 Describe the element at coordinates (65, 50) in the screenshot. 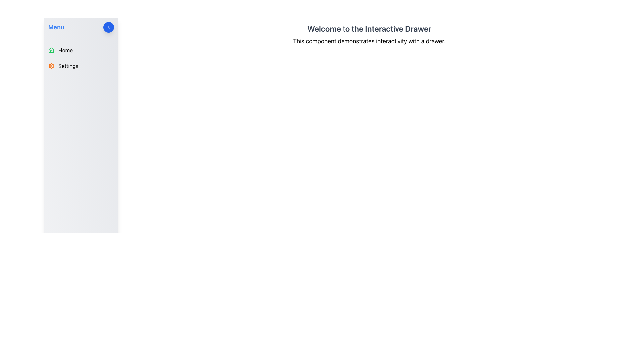

I see `the 'Home' text label, which is displayed in black and located to the right of a green house-shaped icon in the left vertical menu under the header 'Menu'` at that location.